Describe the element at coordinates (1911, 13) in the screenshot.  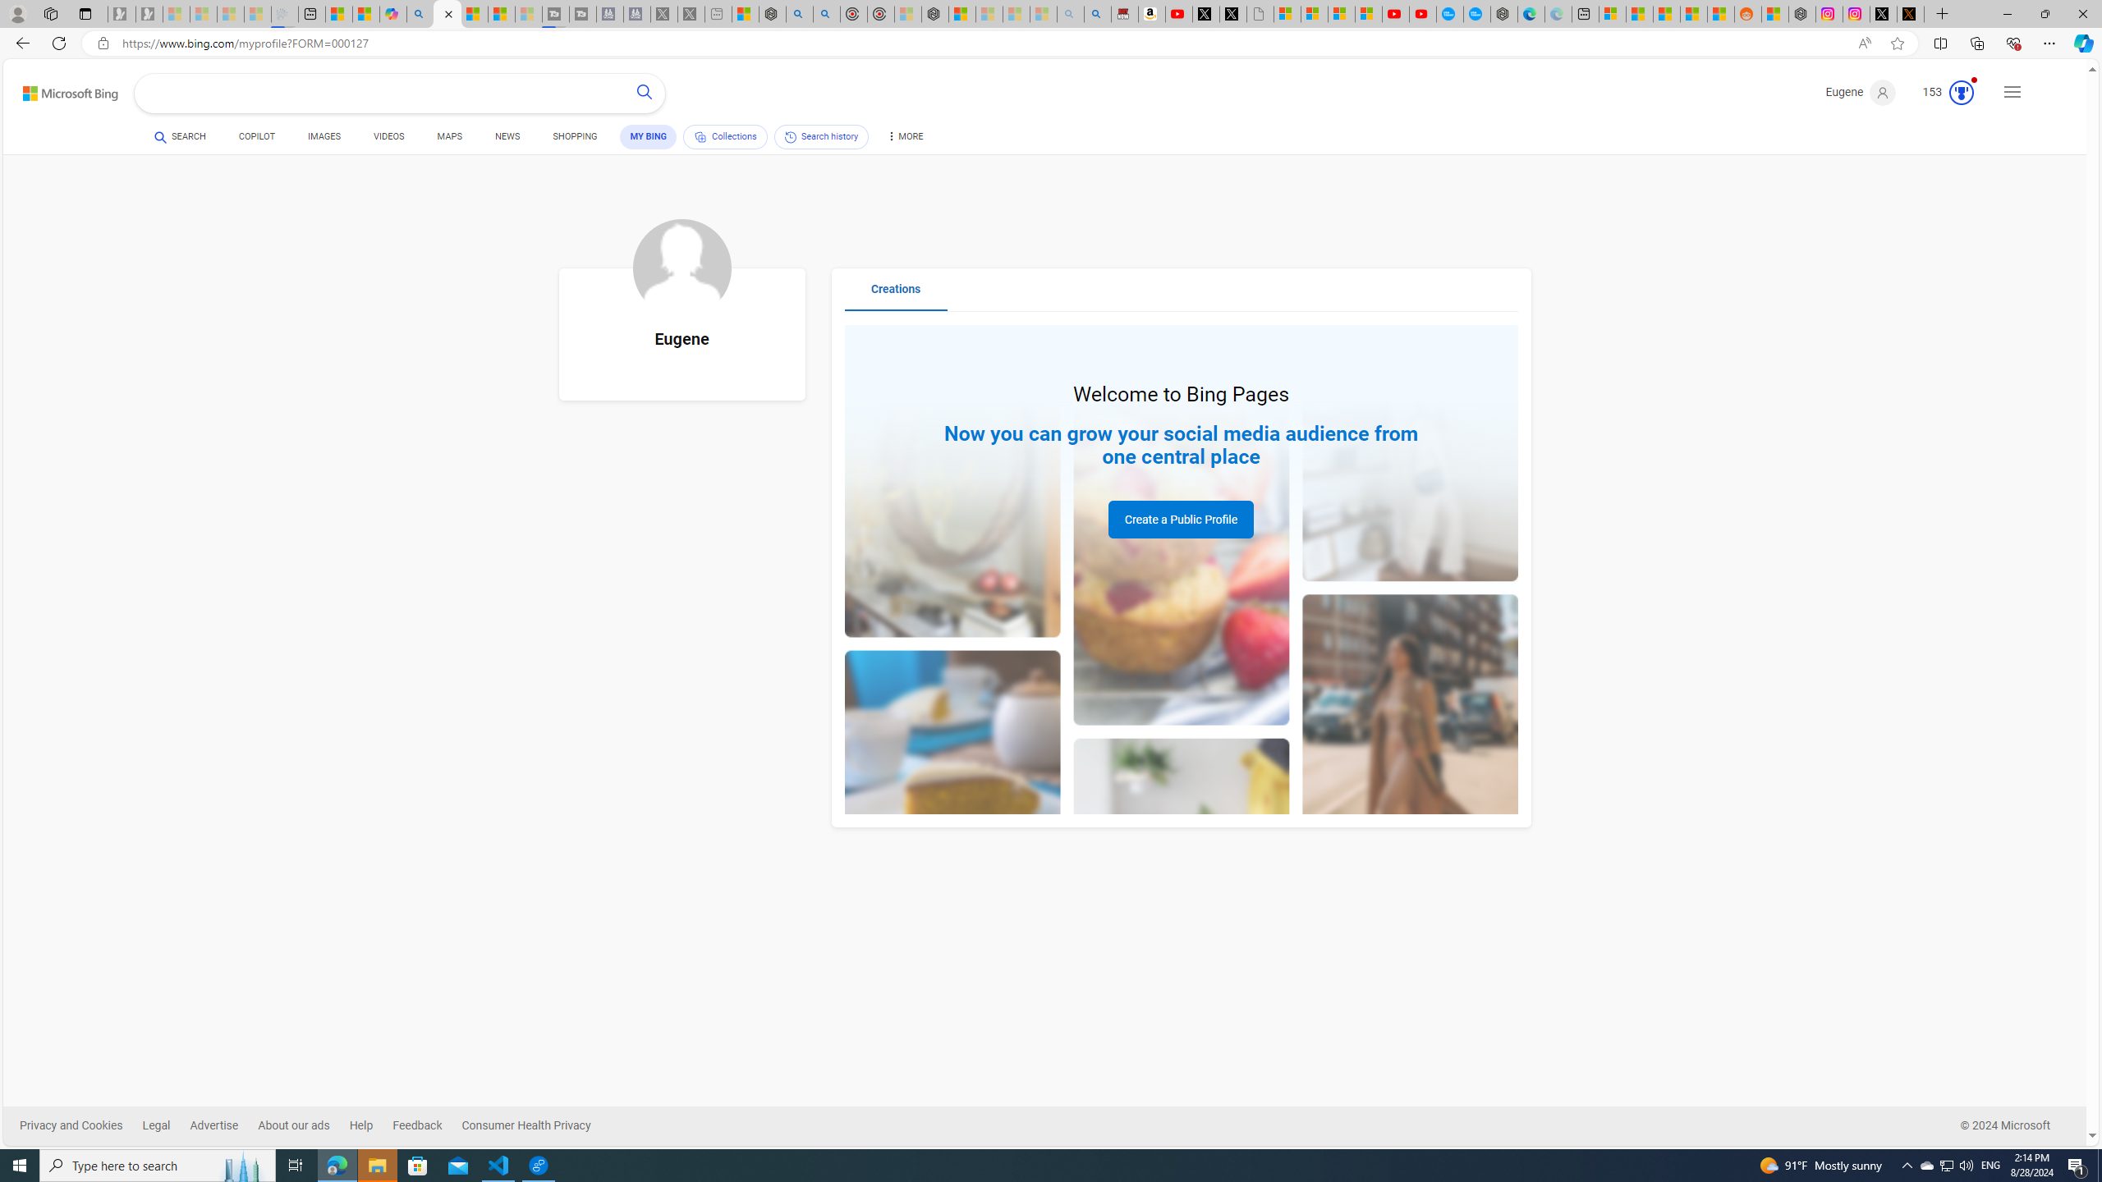
I see `'help.x.com | 524: A timeout occurred'` at that location.